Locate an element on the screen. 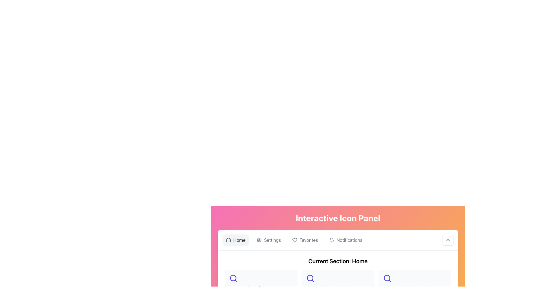  the 'Settings' button with a gear icon in the navigation bar is located at coordinates (269, 240).